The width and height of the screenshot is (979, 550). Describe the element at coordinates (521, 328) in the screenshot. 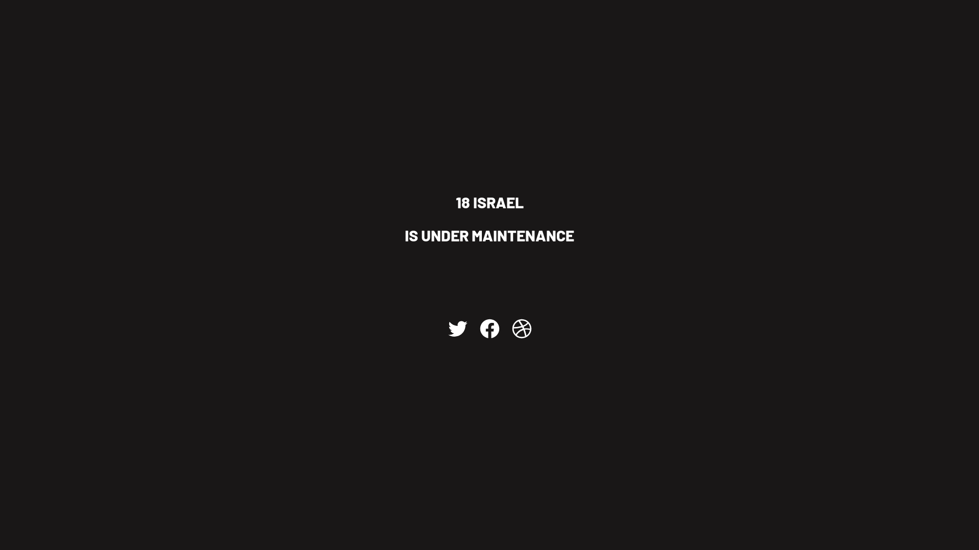

I see `'Dribbble'` at that location.